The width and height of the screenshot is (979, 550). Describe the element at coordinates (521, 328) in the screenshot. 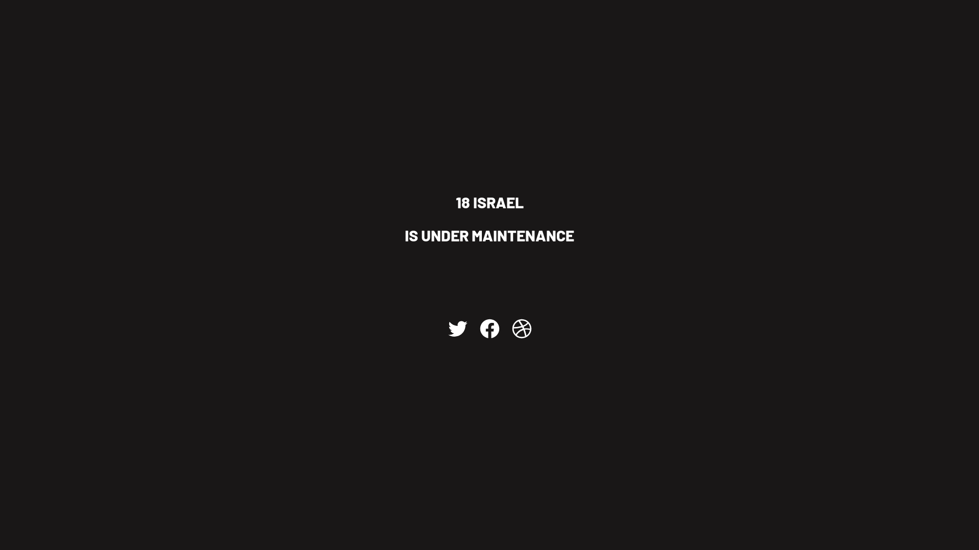

I see `'Dribbble'` at that location.